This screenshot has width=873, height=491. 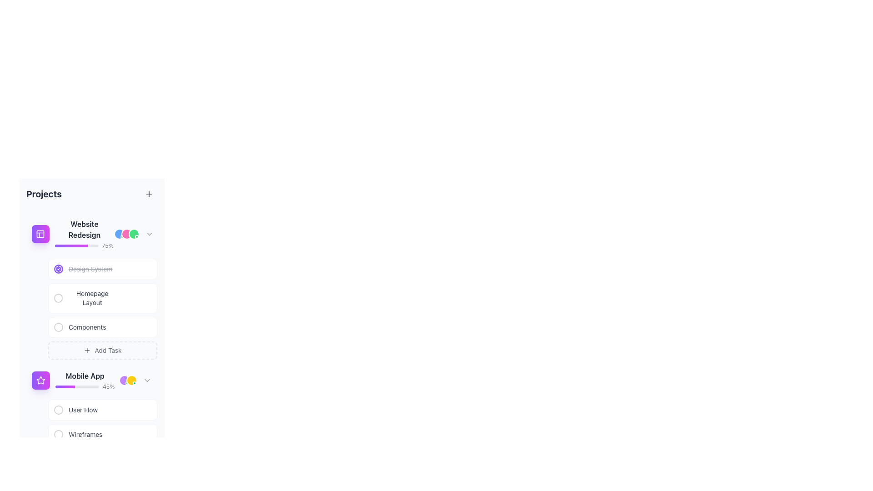 I want to click on the leftmost button in the 'Mobile App' subsection under the 'Projects' category, so click(x=58, y=410).